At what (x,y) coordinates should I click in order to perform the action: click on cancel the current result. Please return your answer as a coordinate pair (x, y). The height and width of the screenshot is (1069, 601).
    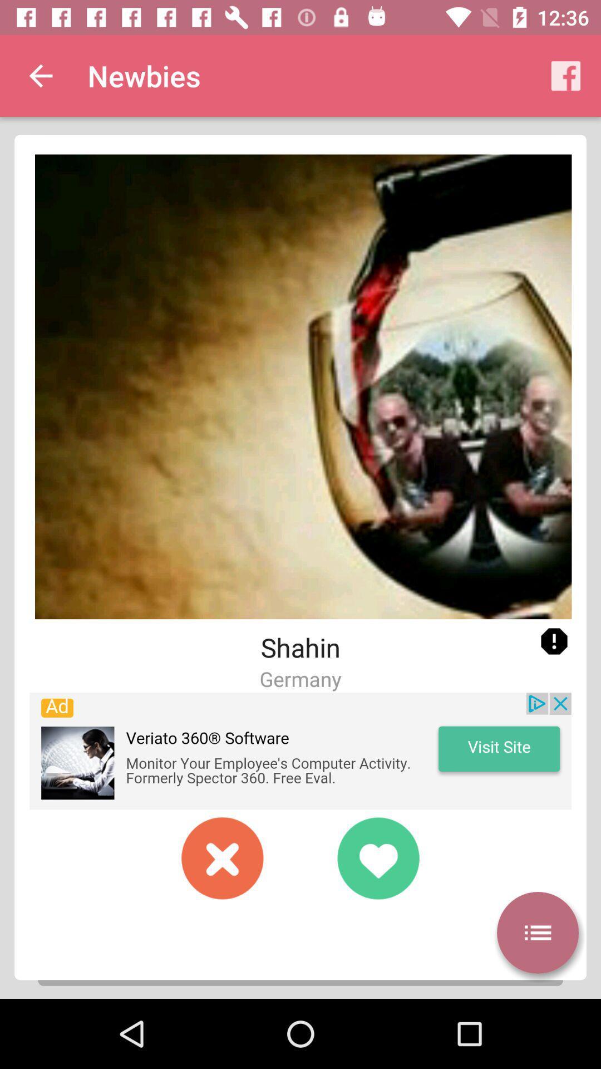
    Looking at the image, I should click on (223, 857).